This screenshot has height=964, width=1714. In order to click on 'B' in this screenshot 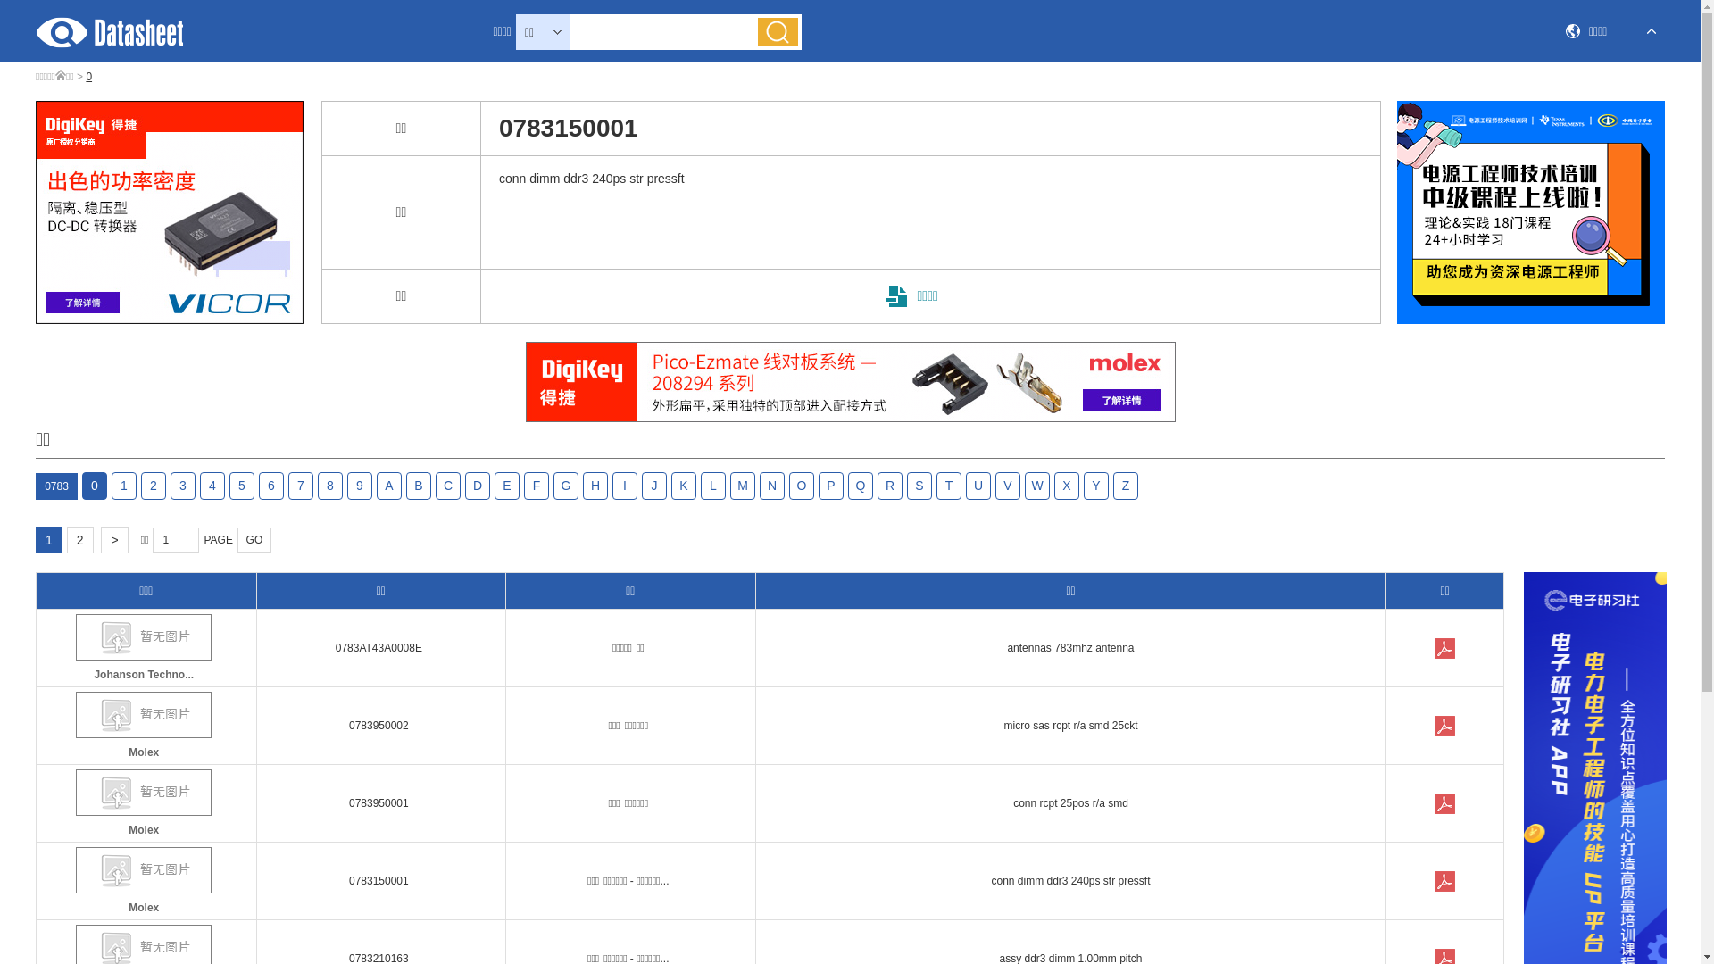, I will do `click(405, 486)`.